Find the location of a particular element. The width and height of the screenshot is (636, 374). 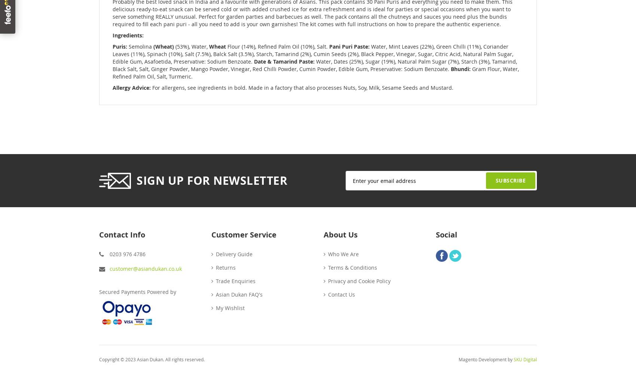

'Terms & Conditions' is located at coordinates (352, 267).